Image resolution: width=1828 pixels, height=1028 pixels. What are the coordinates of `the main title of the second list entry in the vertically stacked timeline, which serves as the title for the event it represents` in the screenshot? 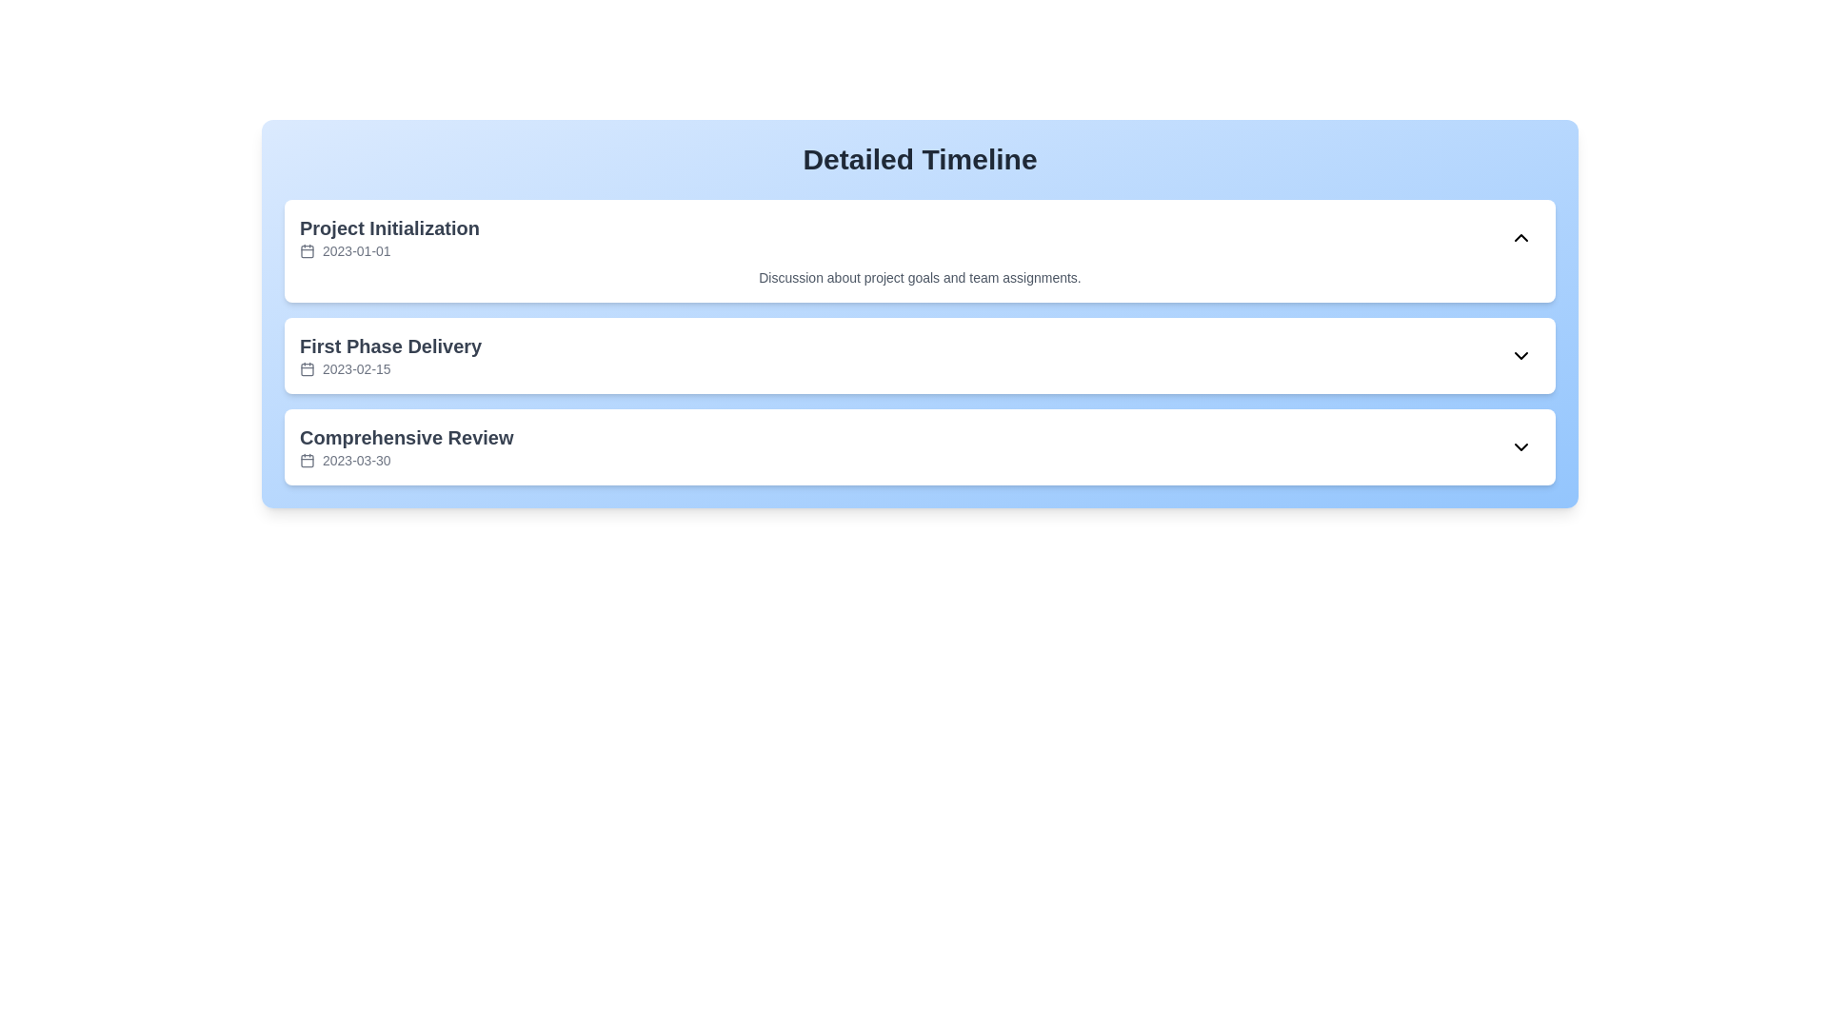 It's located at (389, 346).